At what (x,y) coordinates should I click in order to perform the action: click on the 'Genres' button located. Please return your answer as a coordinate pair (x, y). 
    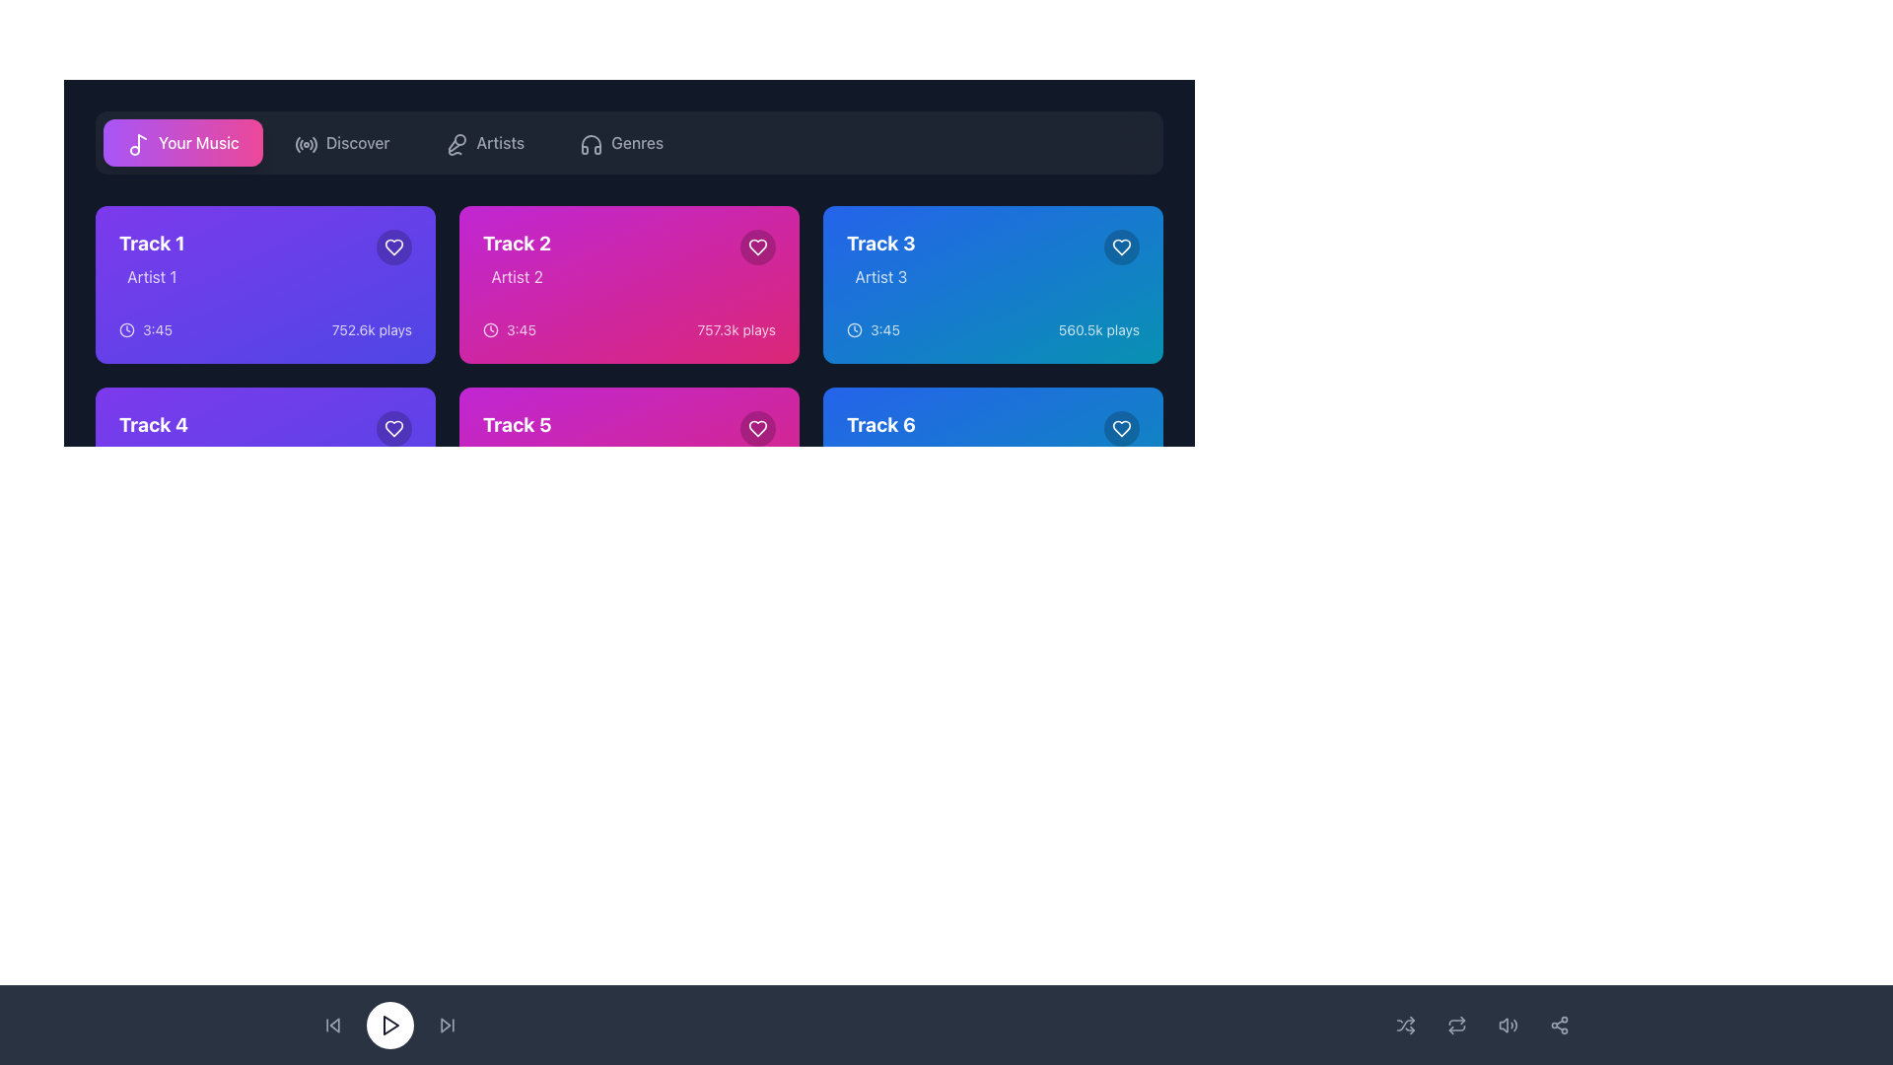
    Looking at the image, I should click on (620, 142).